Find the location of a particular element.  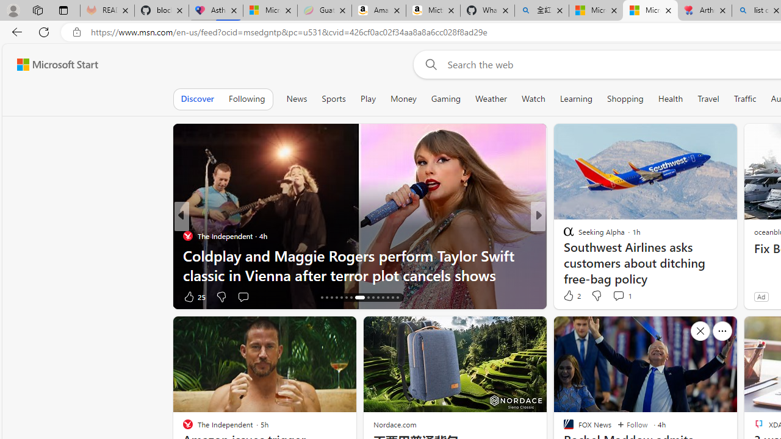

'Watch' is located at coordinates (533, 98).